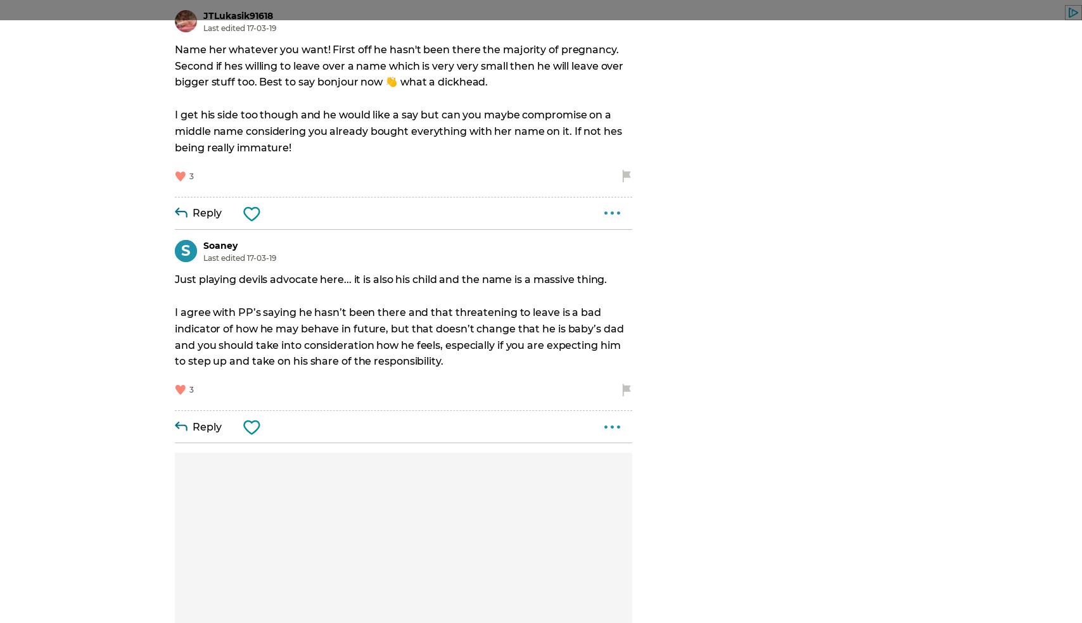 The width and height of the screenshot is (1082, 623). Describe the element at coordinates (399, 131) in the screenshot. I see `'I get his side too though and he would like a say but can you maybe compromise on a middle name considering you already bought everything with her name on it. If not hes being really immature!'` at that location.